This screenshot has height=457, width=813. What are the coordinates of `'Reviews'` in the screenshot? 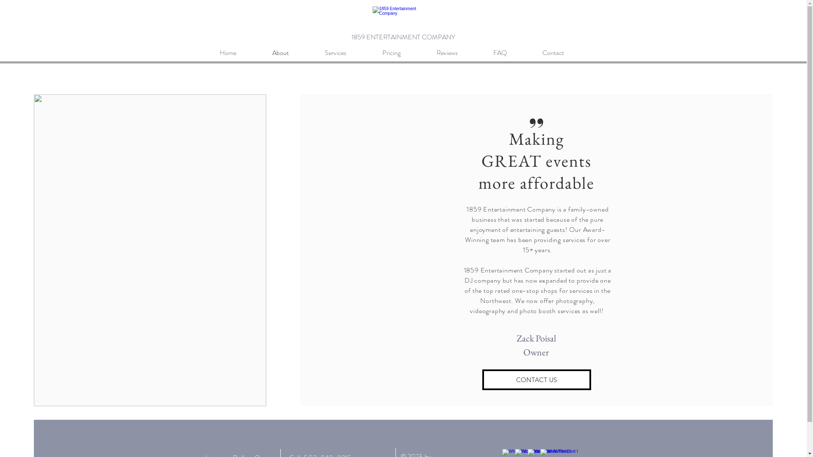 It's located at (458, 52).